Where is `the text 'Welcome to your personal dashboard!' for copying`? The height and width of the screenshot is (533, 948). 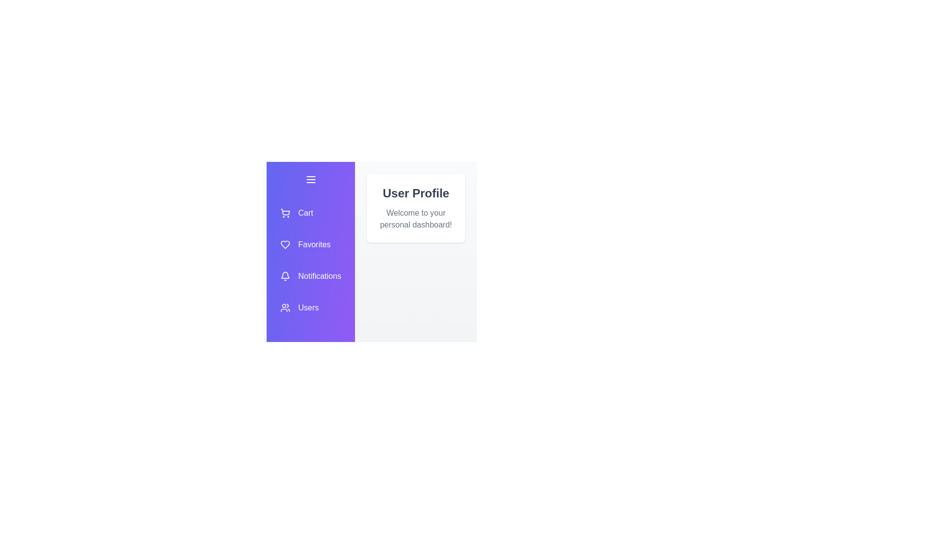
the text 'Welcome to your personal dashboard!' for copying is located at coordinates (378, 207).